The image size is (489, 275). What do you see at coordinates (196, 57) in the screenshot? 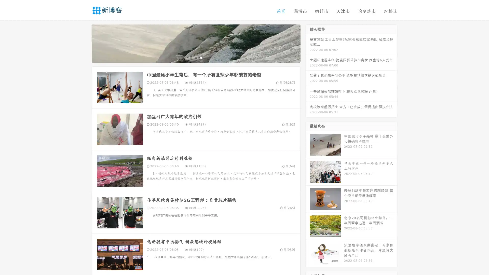
I see `Go to slide 2` at bounding box center [196, 57].